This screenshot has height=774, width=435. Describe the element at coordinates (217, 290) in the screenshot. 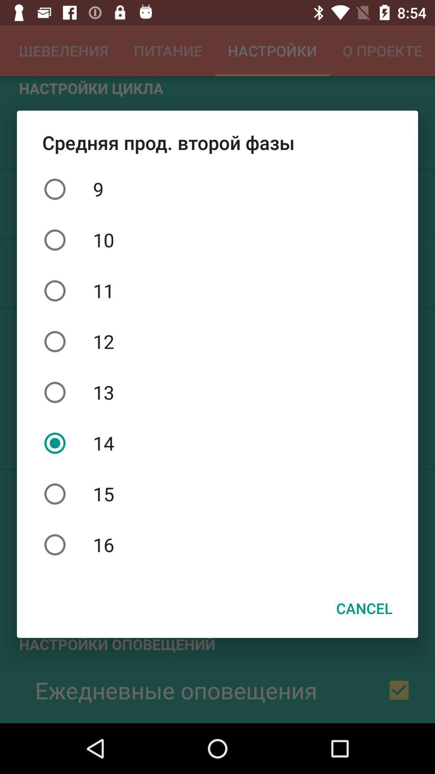

I see `the item above 12 icon` at that location.